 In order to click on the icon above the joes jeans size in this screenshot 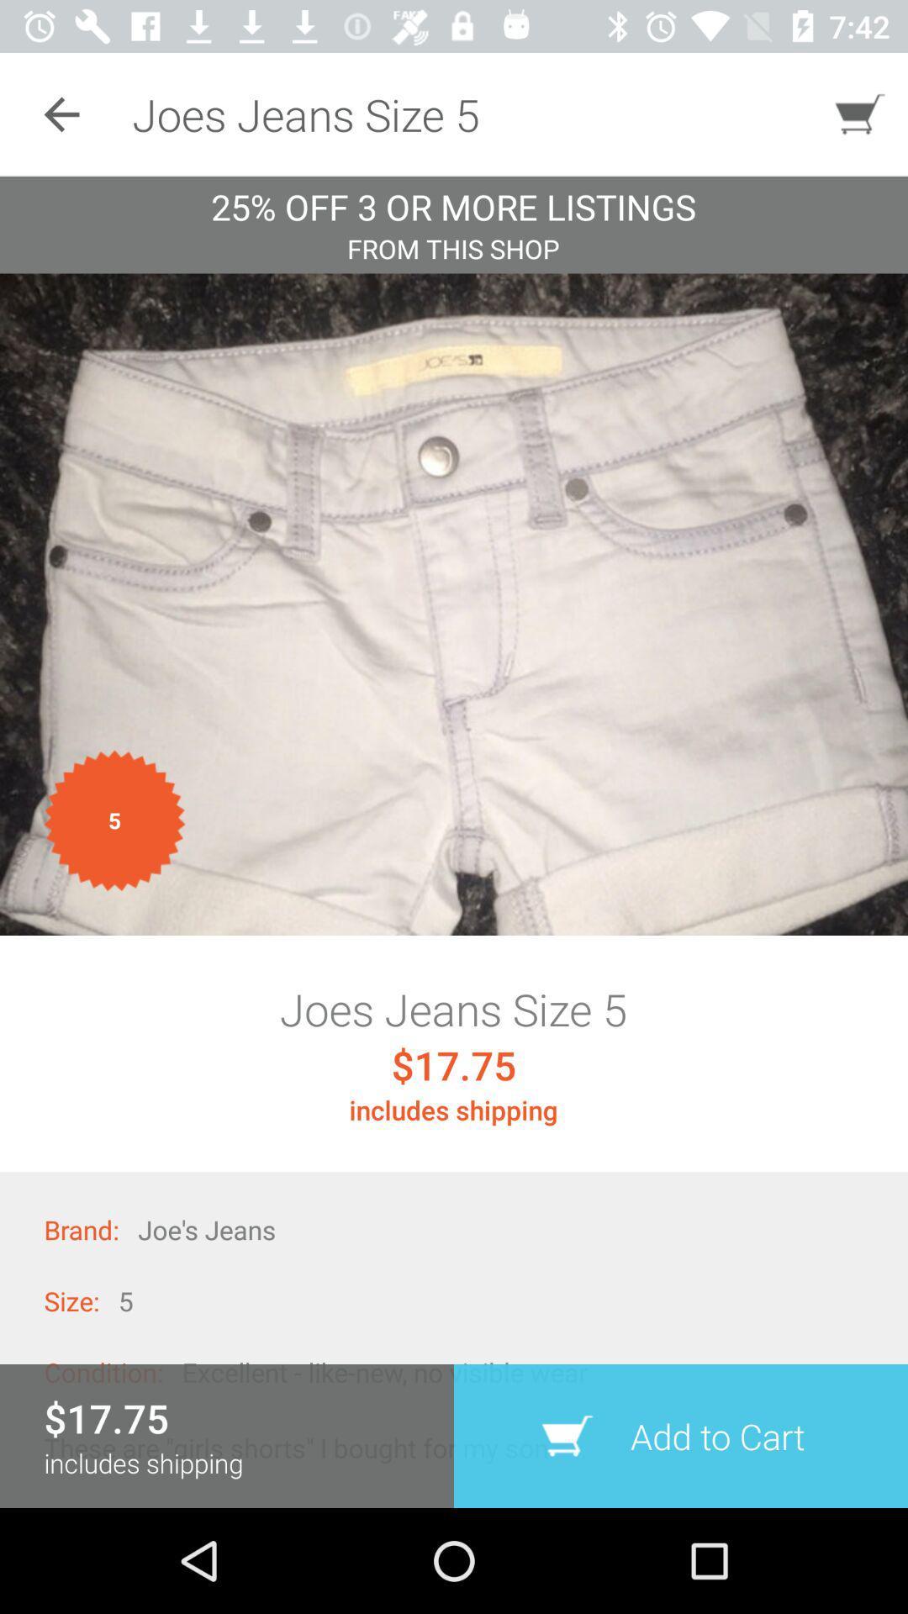, I will do `click(454, 604)`.